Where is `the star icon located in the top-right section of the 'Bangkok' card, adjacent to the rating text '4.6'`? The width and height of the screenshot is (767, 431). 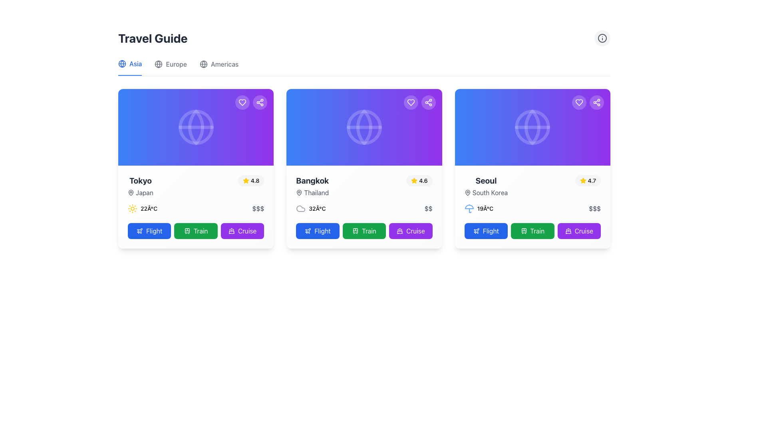
the star icon located in the top-right section of the 'Bangkok' card, adjacent to the rating text '4.6' is located at coordinates (245, 180).